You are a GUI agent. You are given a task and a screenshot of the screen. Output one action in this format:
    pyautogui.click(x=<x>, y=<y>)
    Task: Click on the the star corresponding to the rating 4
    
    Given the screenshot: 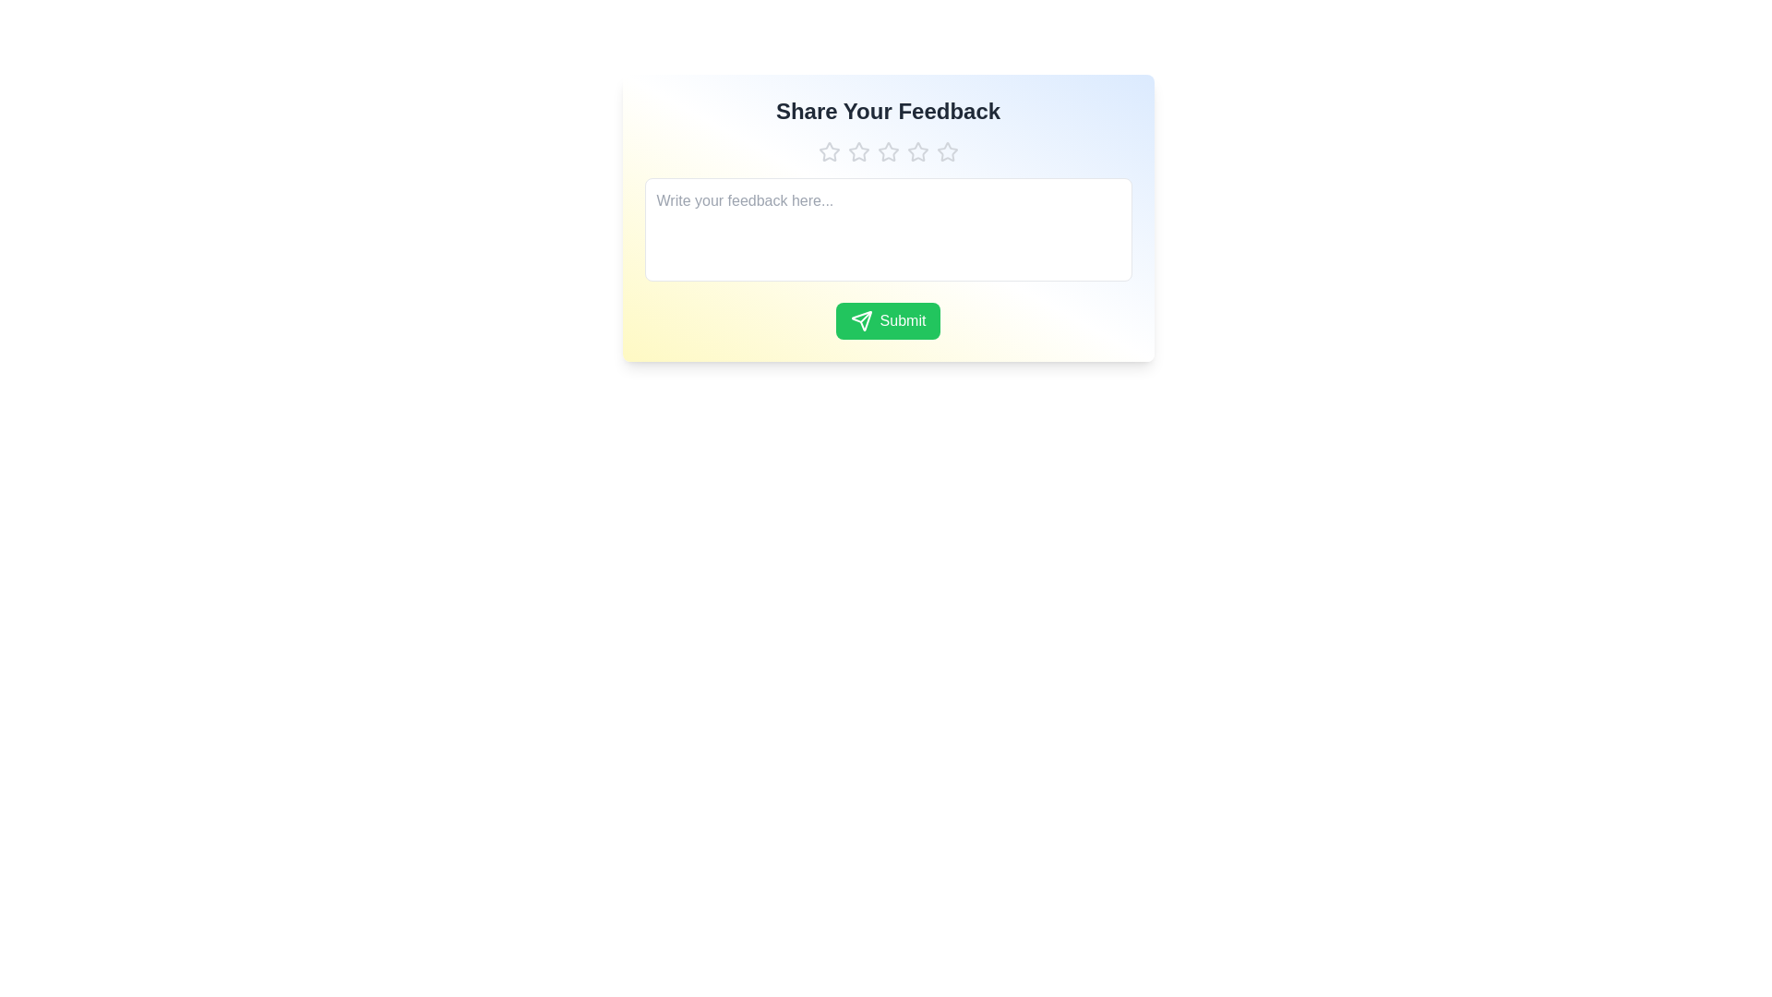 What is the action you would take?
    pyautogui.click(x=917, y=151)
    